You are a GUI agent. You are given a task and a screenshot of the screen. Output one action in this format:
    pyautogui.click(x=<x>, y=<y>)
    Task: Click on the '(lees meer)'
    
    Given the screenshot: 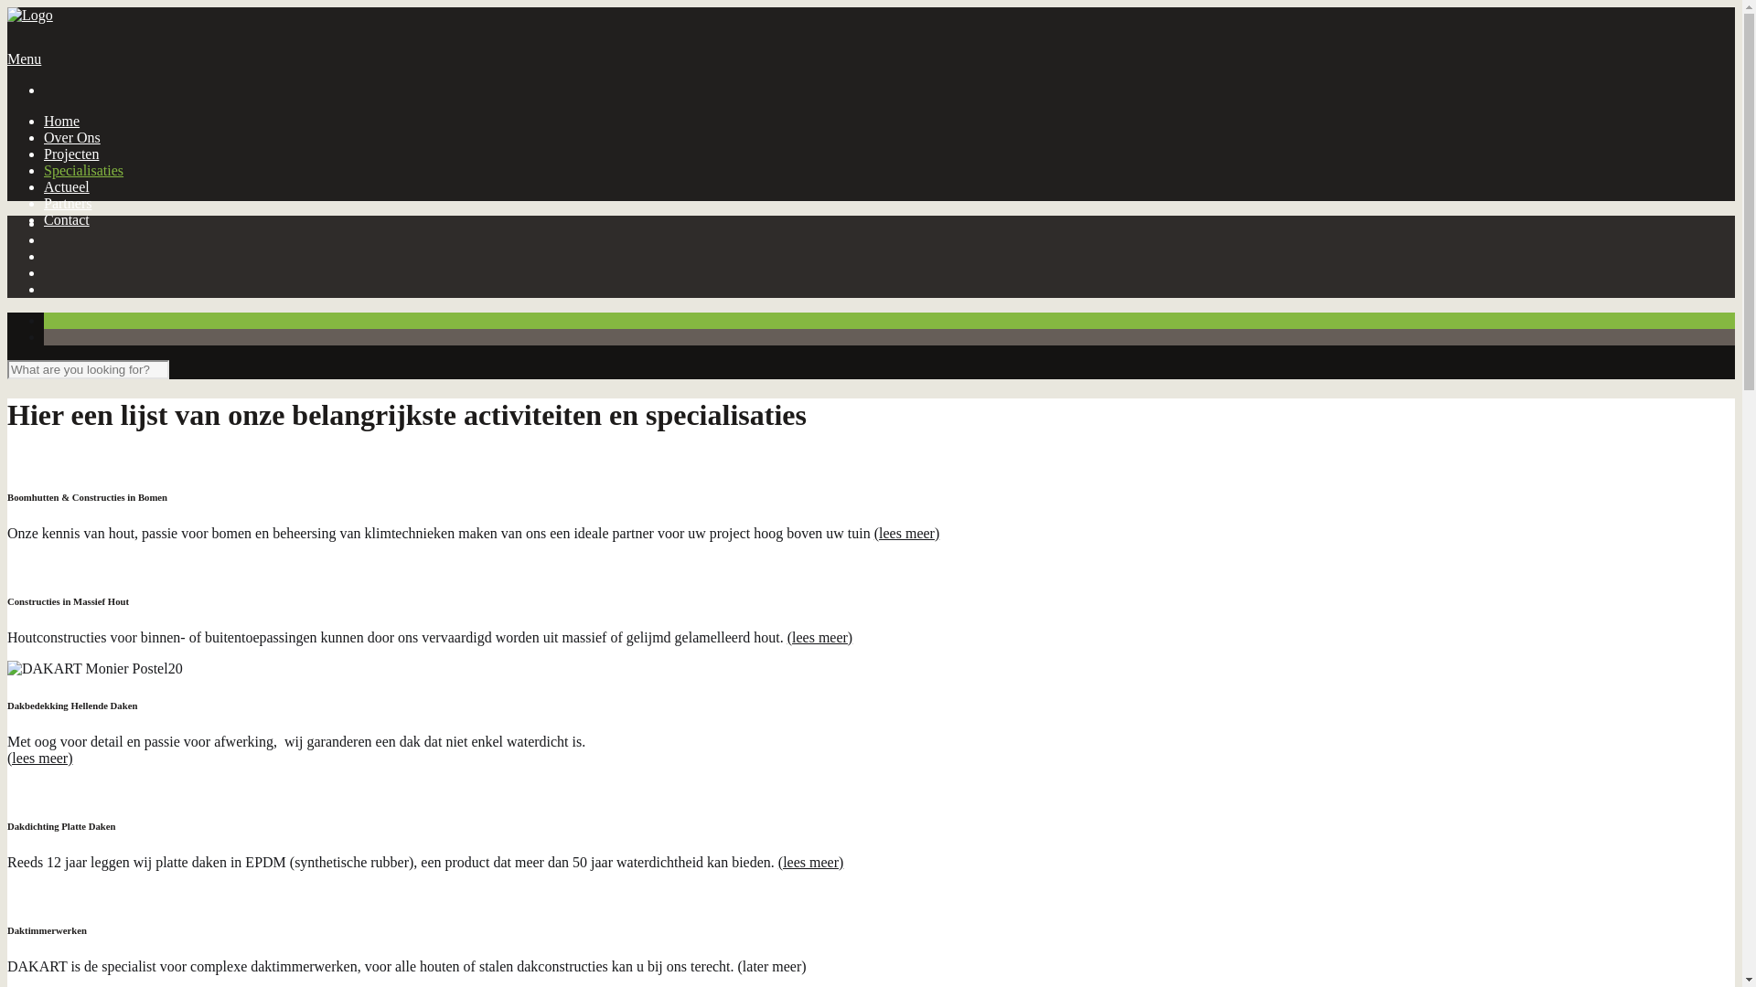 What is the action you would take?
    pyautogui.click(x=819, y=636)
    